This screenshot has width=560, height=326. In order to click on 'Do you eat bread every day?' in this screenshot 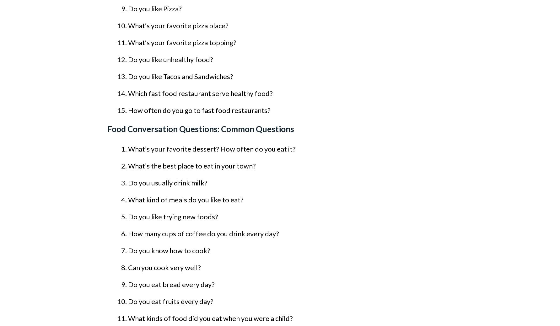, I will do `click(171, 284)`.